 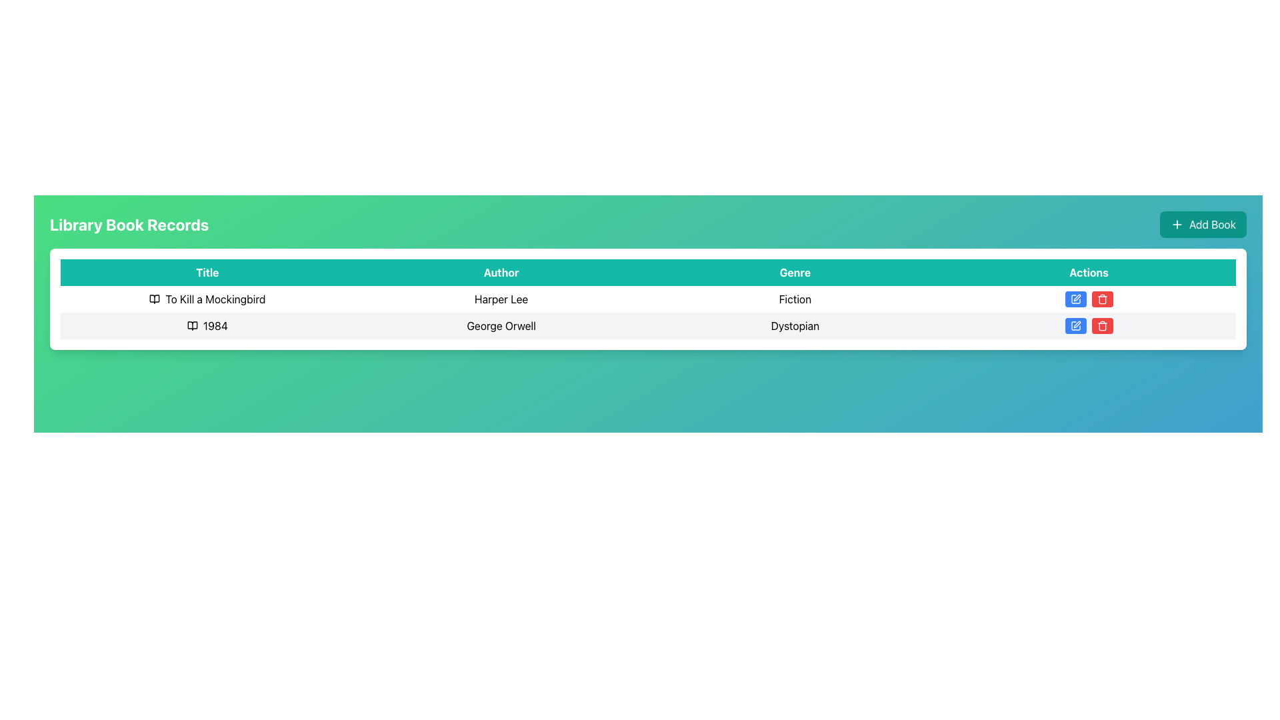 What do you see at coordinates (1203, 223) in the screenshot?
I see `the 'Add New Book' button located on the far right side of the header section, aligned with the title 'Library Book Records'` at bounding box center [1203, 223].